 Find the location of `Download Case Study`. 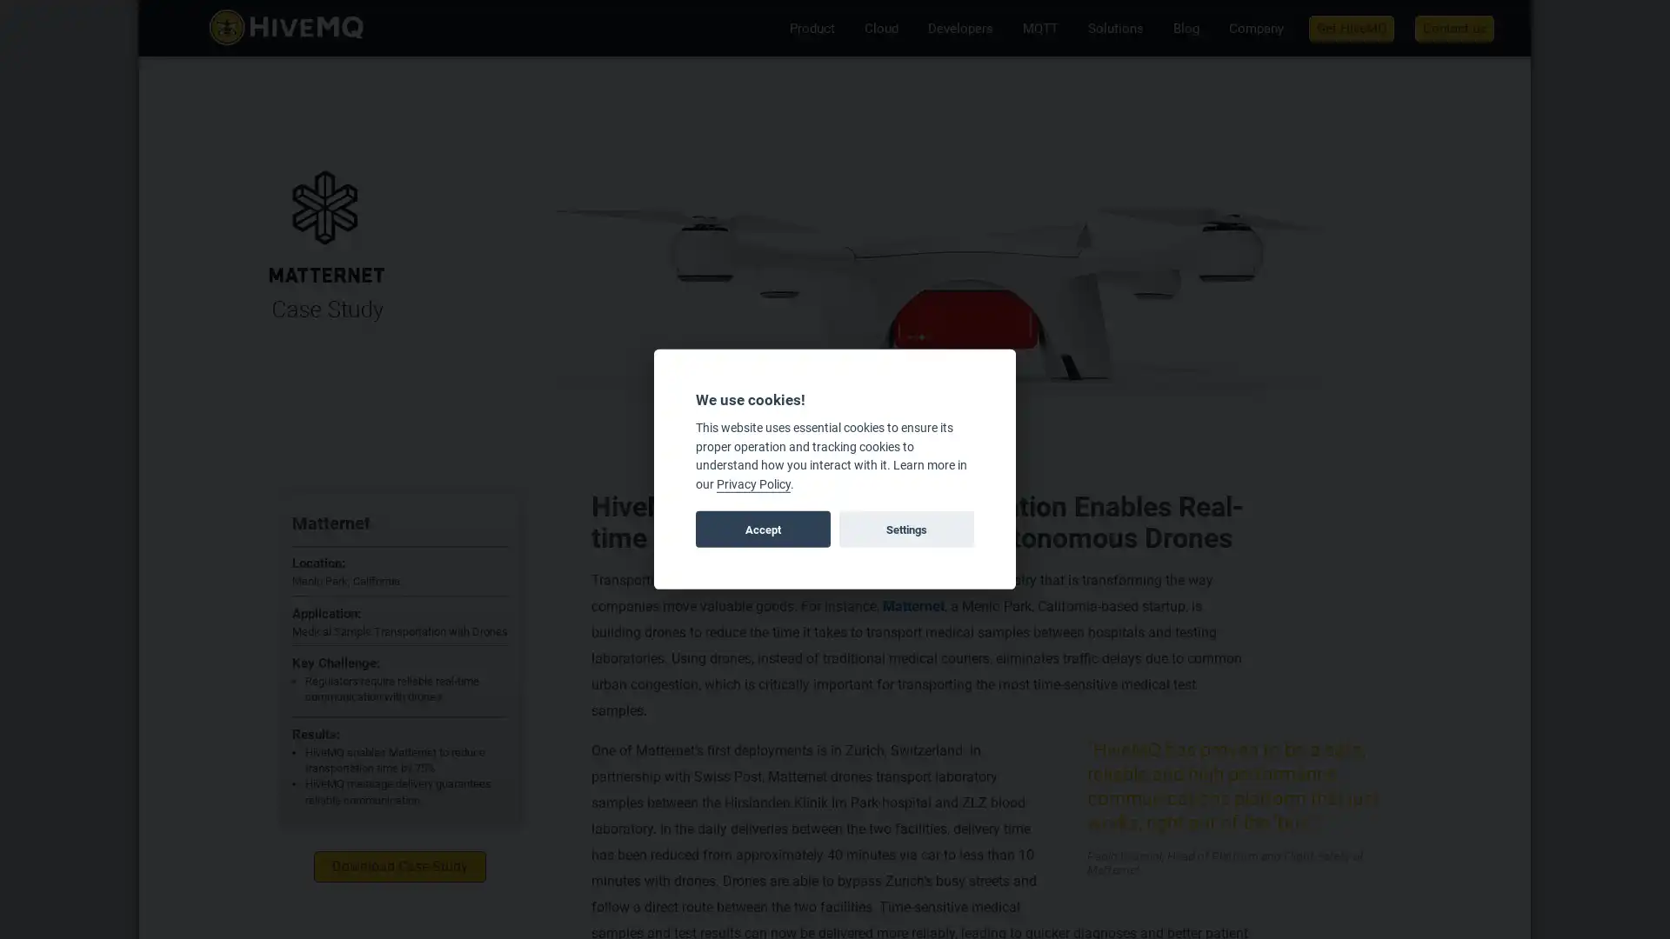

Download Case Study is located at coordinates (399, 866).